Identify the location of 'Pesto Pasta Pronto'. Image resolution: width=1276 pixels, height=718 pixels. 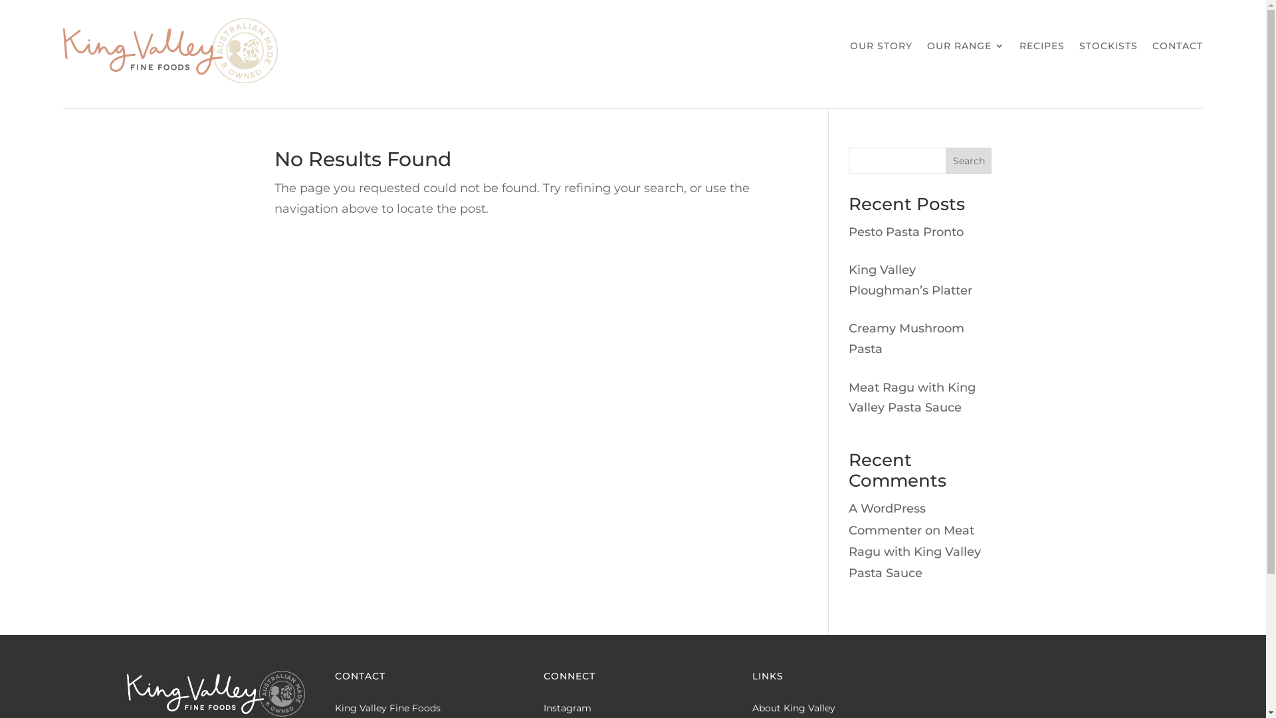
(847, 231).